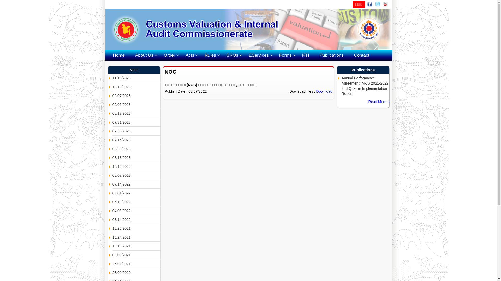 The image size is (501, 281). What do you see at coordinates (112, 228) in the screenshot?
I see `'10/26/2021'` at bounding box center [112, 228].